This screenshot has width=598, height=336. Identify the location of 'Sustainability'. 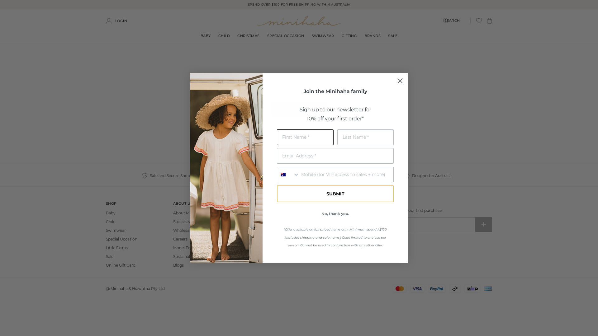
(185, 256).